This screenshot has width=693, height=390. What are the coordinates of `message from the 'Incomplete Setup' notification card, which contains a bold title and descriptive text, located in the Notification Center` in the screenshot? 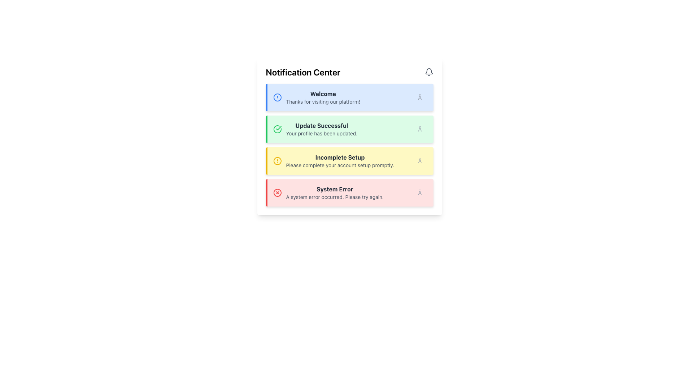 It's located at (349, 161).